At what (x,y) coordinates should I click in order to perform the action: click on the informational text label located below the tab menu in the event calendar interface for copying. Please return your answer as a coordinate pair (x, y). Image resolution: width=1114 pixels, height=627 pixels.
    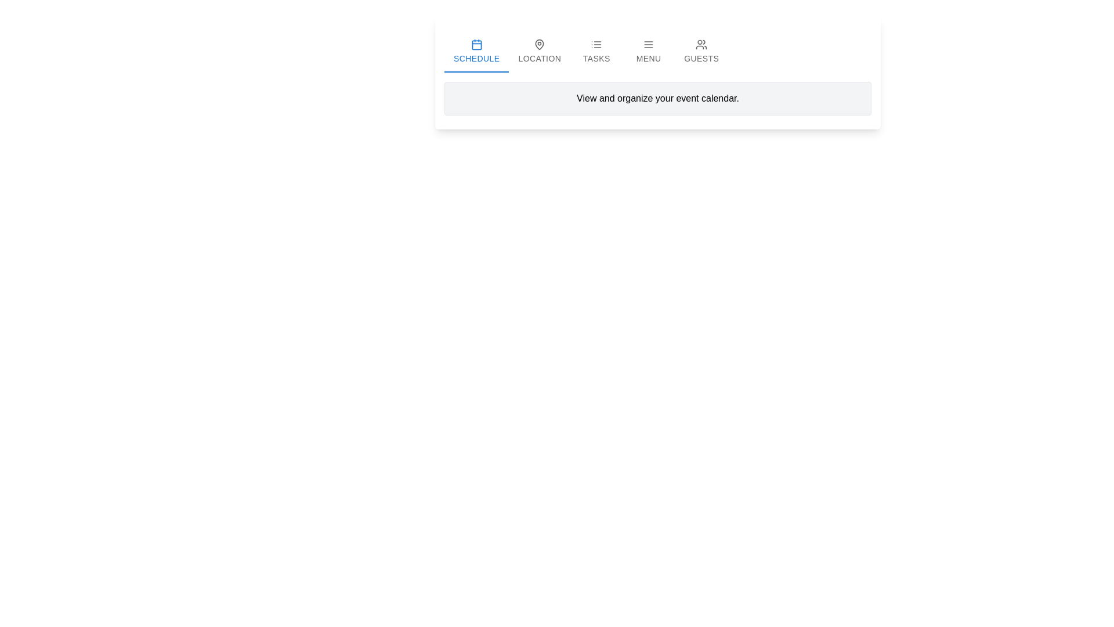
    Looking at the image, I should click on (657, 98).